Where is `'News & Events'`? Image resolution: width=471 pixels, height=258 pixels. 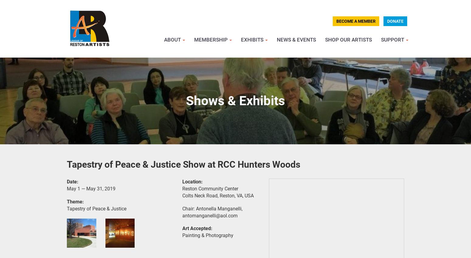 'News & Events' is located at coordinates (296, 39).